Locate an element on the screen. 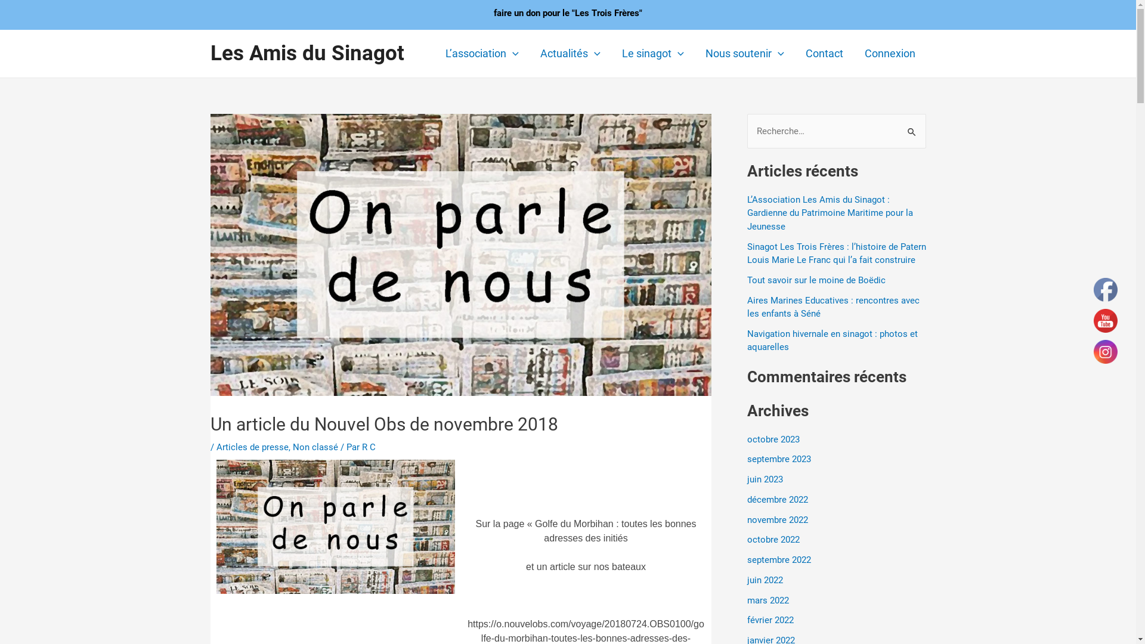 This screenshot has height=644, width=1145. 'septembre 2022' is located at coordinates (778, 559).